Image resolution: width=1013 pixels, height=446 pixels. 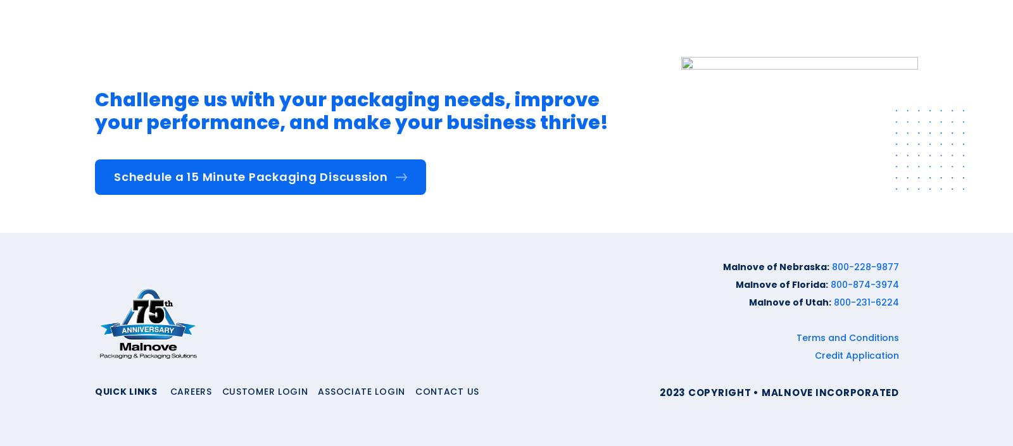 I want to click on 'Schedule a 15 Minute Packaging Discussion', so click(x=251, y=177).